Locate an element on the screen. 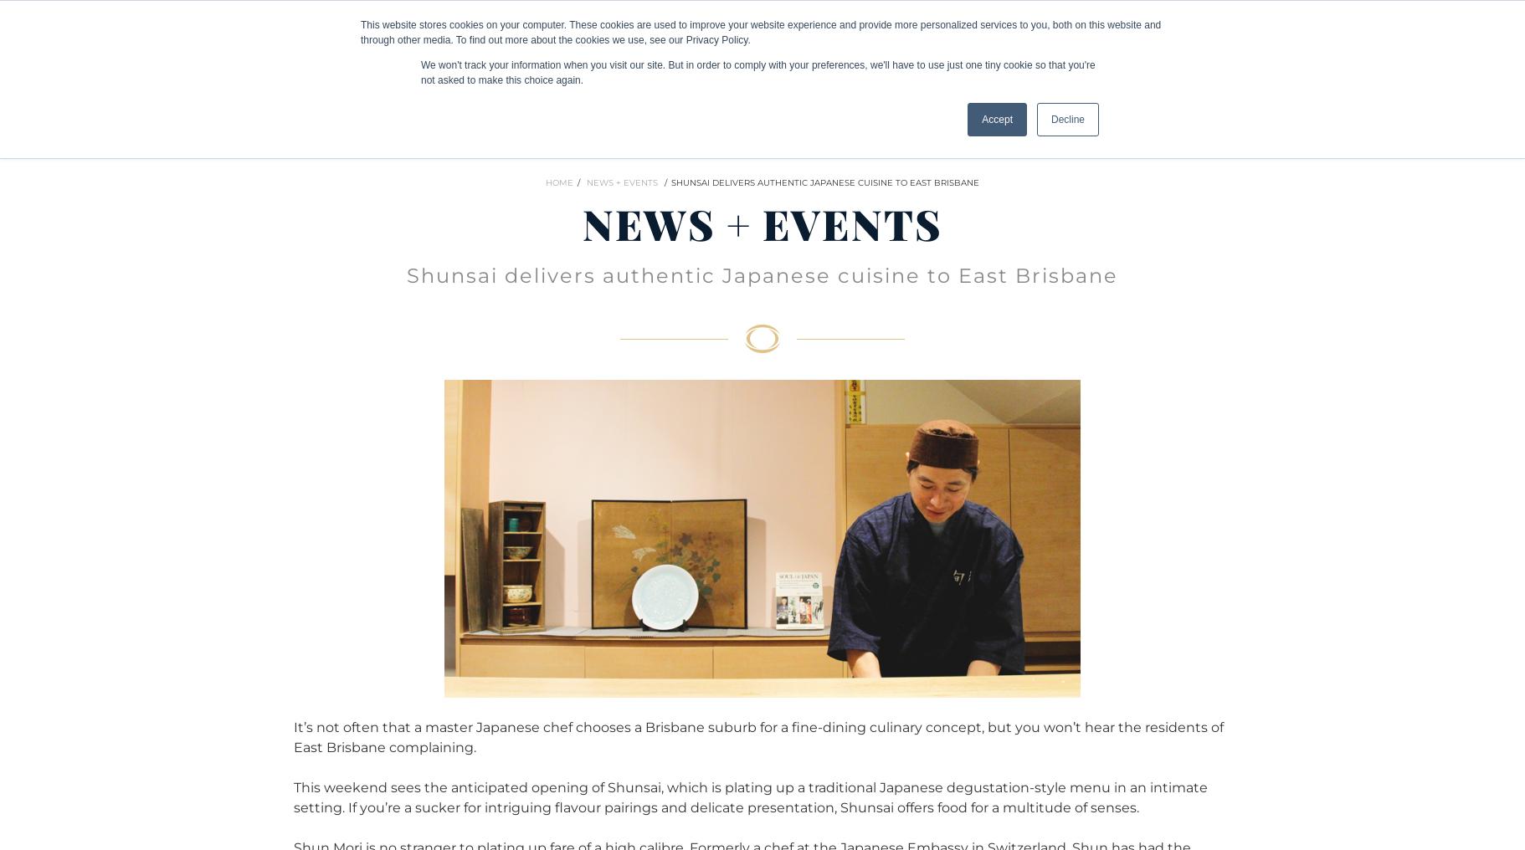  'This website stores cookies on your computer. These cookies are used to improve your website experience and provide more personalized services to you, both on this website and through other media. To find out more about the cookies we use, see our Privacy Policy.' is located at coordinates (360, 32).